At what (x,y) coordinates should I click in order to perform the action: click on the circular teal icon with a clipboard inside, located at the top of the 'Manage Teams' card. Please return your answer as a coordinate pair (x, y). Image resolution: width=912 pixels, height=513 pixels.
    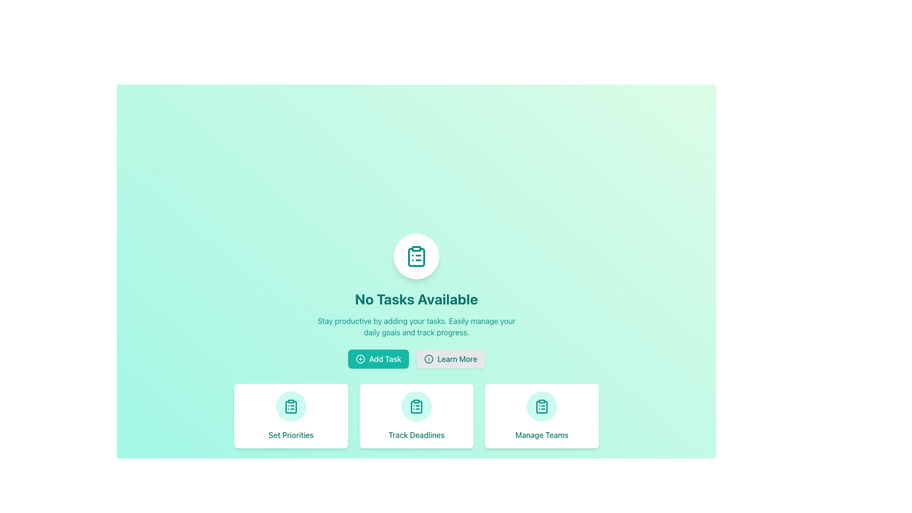
    Looking at the image, I should click on (542, 406).